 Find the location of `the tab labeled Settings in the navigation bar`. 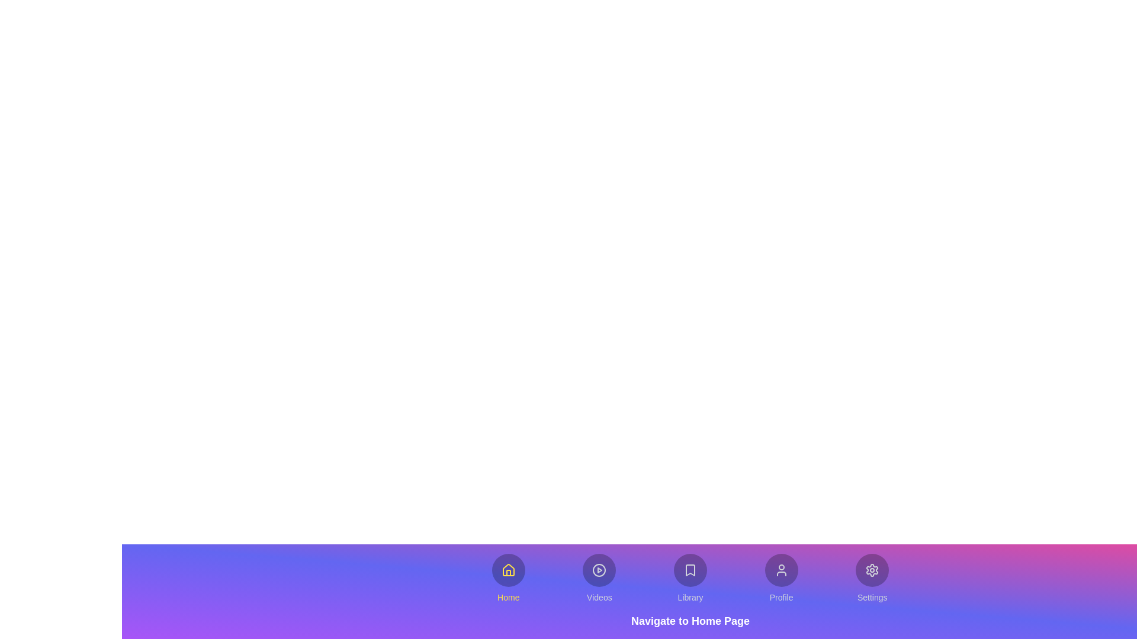

the tab labeled Settings in the navigation bar is located at coordinates (872, 578).